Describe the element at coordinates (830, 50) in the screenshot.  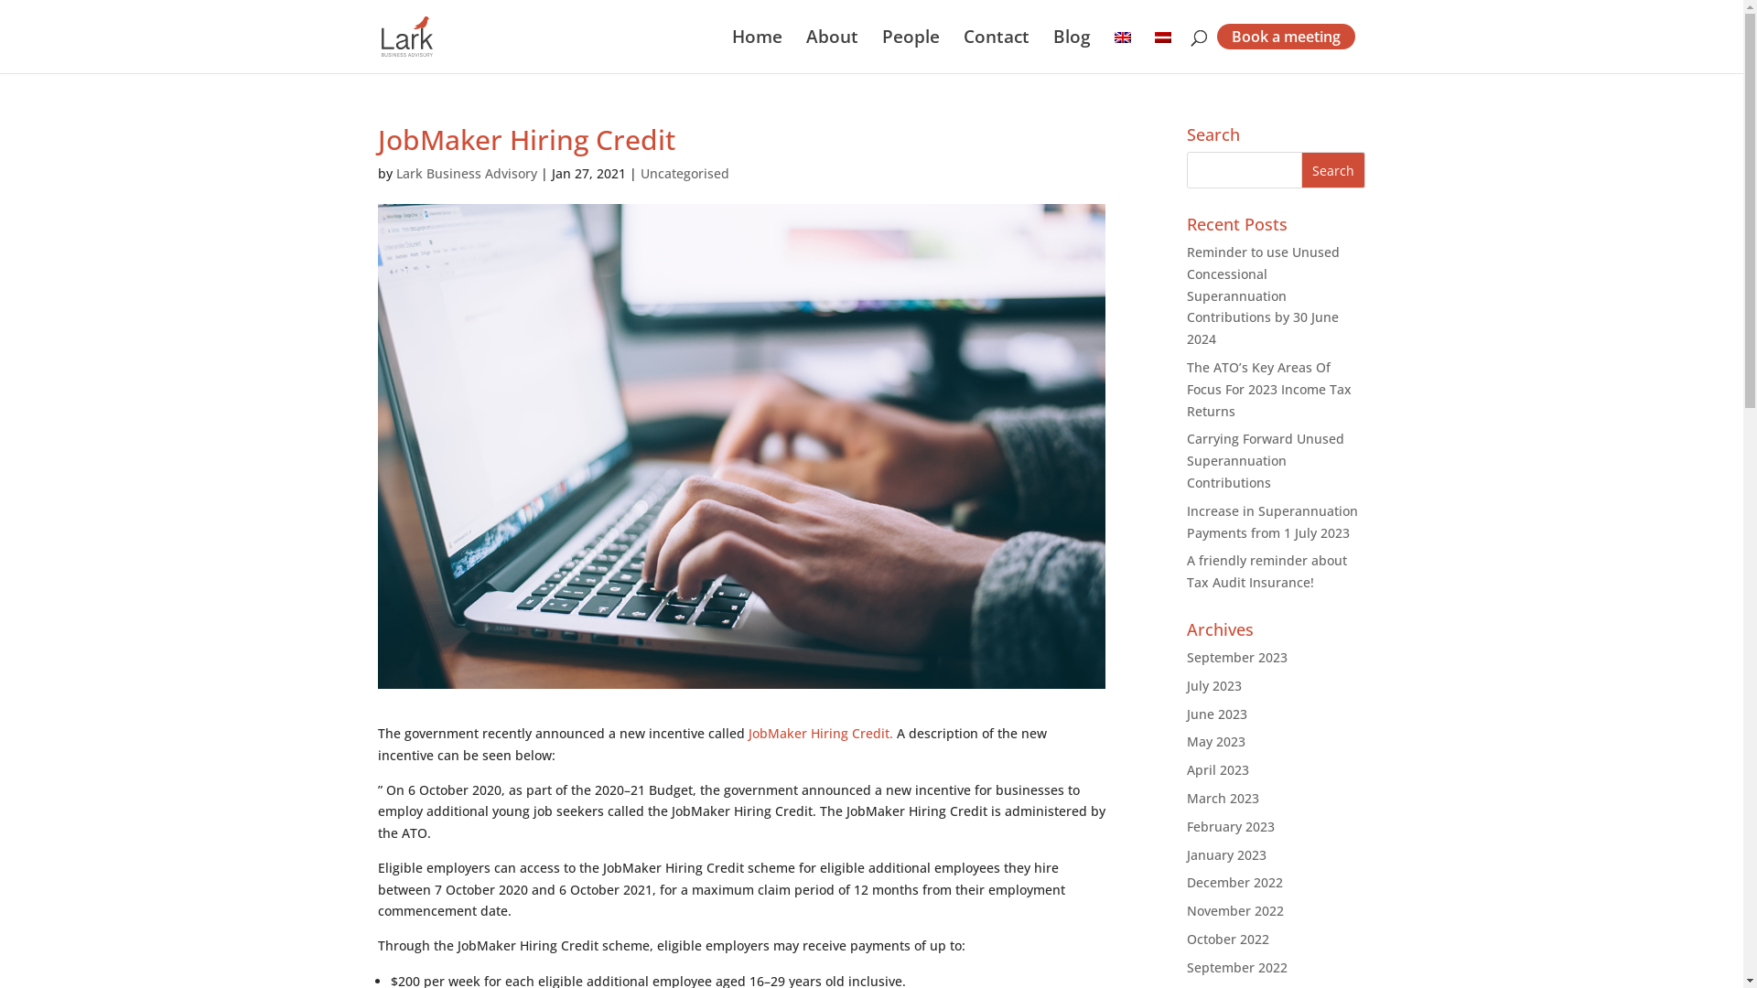
I see `'About'` at that location.